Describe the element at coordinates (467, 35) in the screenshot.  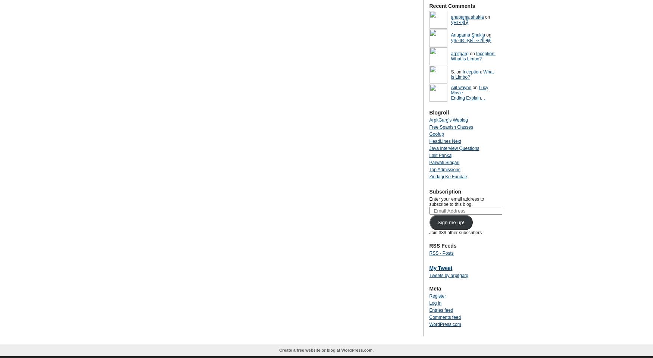
I see `'Anupama Shukla'` at that location.